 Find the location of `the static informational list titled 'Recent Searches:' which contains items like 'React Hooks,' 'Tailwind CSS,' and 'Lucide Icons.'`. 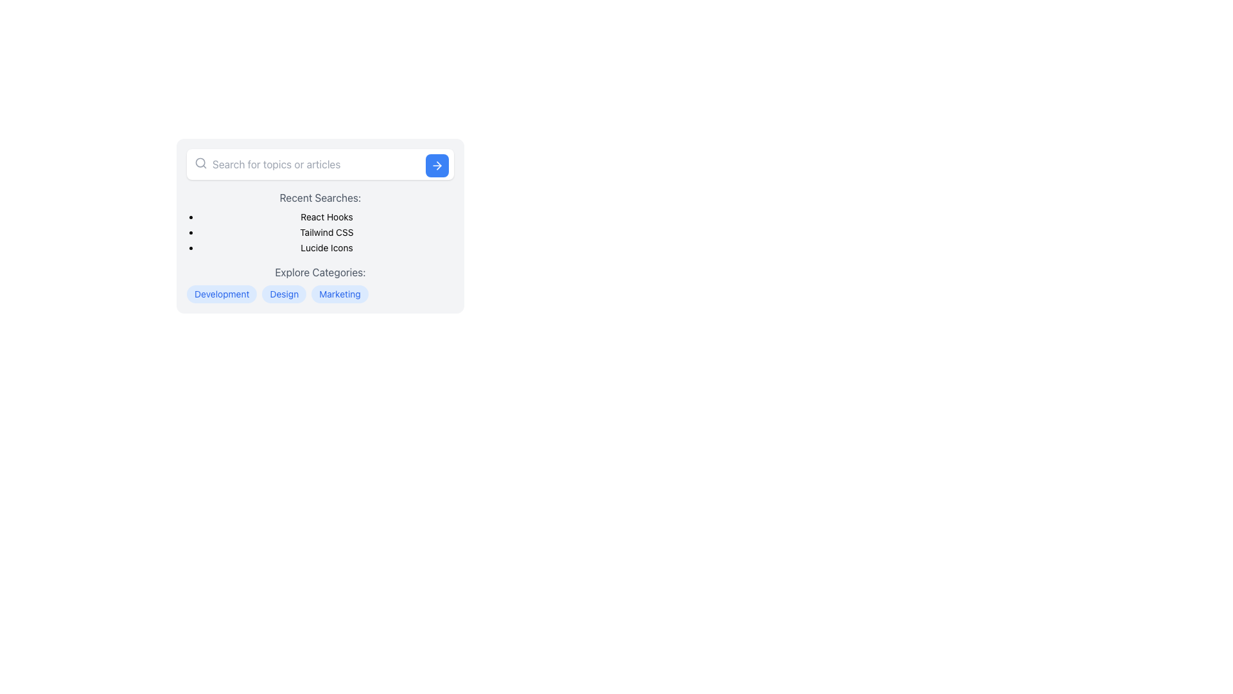

the static informational list titled 'Recent Searches:' which contains items like 'React Hooks,' 'Tailwind CSS,' and 'Lucide Icons.' is located at coordinates (320, 222).